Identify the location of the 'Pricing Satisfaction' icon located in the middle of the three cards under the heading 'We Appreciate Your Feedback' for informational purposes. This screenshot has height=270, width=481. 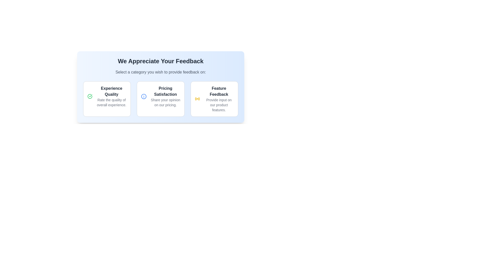
(144, 96).